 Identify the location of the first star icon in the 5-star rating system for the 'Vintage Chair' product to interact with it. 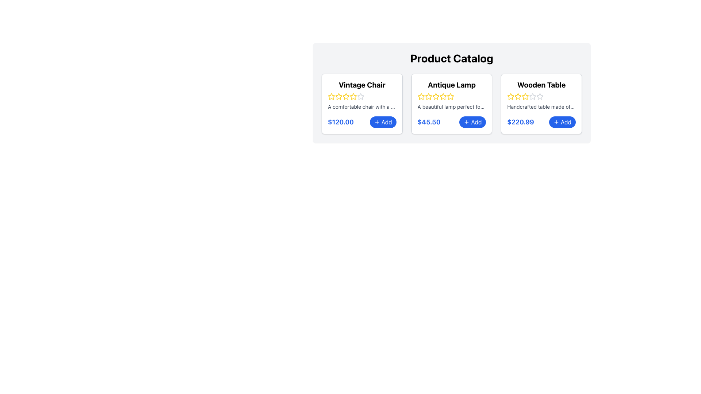
(331, 96).